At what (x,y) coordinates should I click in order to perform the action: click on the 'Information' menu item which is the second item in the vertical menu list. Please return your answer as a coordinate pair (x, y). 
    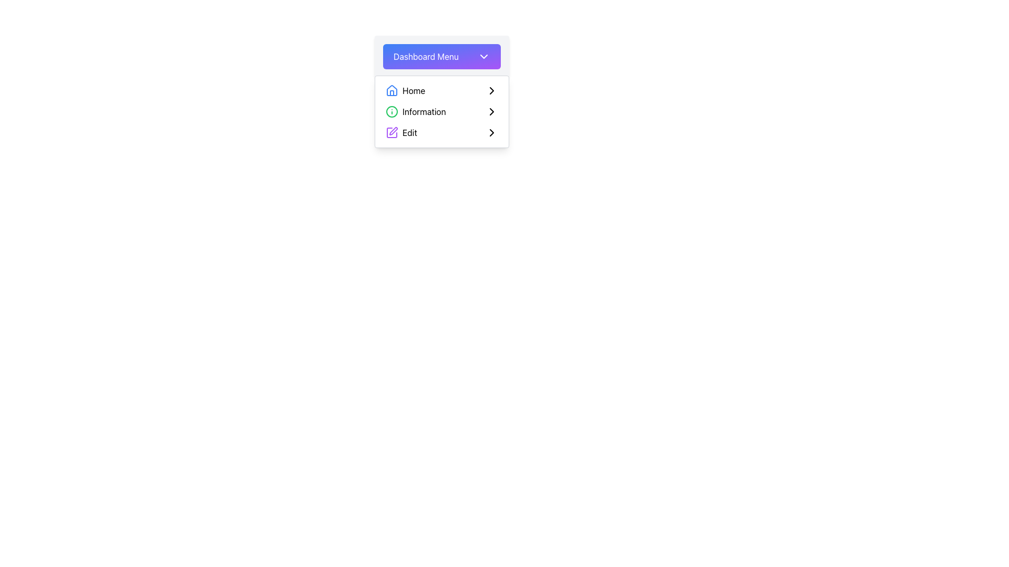
    Looking at the image, I should click on (441, 111).